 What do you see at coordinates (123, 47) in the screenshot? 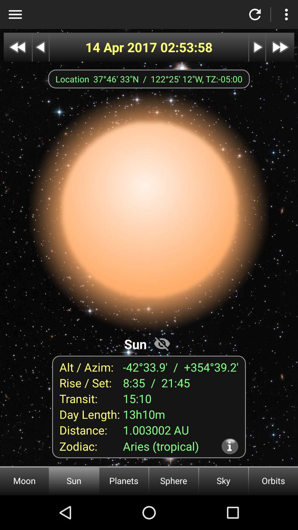
I see `14 apr 2017` at bounding box center [123, 47].